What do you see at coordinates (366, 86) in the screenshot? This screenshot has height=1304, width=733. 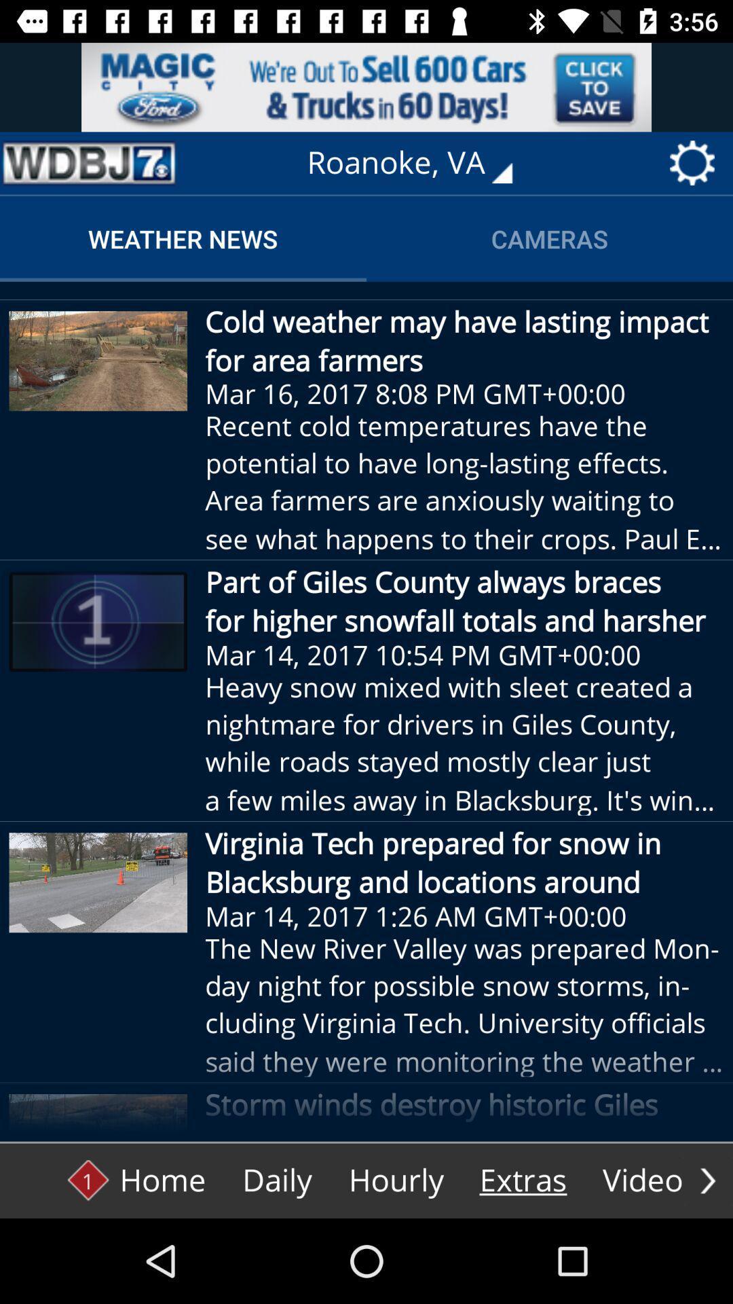 I see `the advertisement` at bounding box center [366, 86].